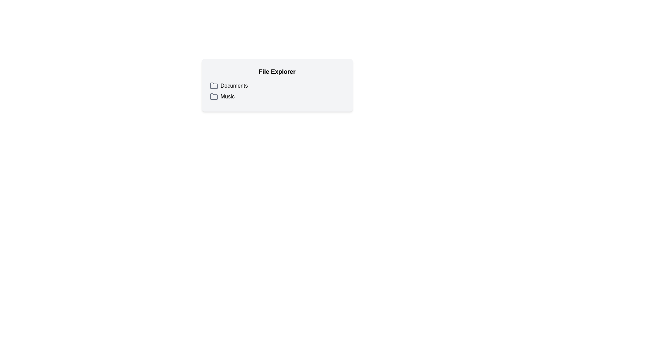 This screenshot has height=364, width=647. Describe the element at coordinates (227, 96) in the screenshot. I see `the 'Music' text label` at that location.